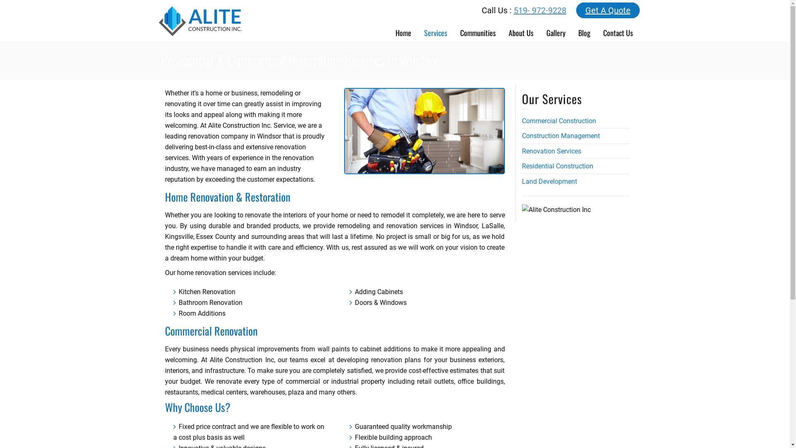 The image size is (796, 448). Describe the element at coordinates (558, 121) in the screenshot. I see `'Commercial Construction'` at that location.